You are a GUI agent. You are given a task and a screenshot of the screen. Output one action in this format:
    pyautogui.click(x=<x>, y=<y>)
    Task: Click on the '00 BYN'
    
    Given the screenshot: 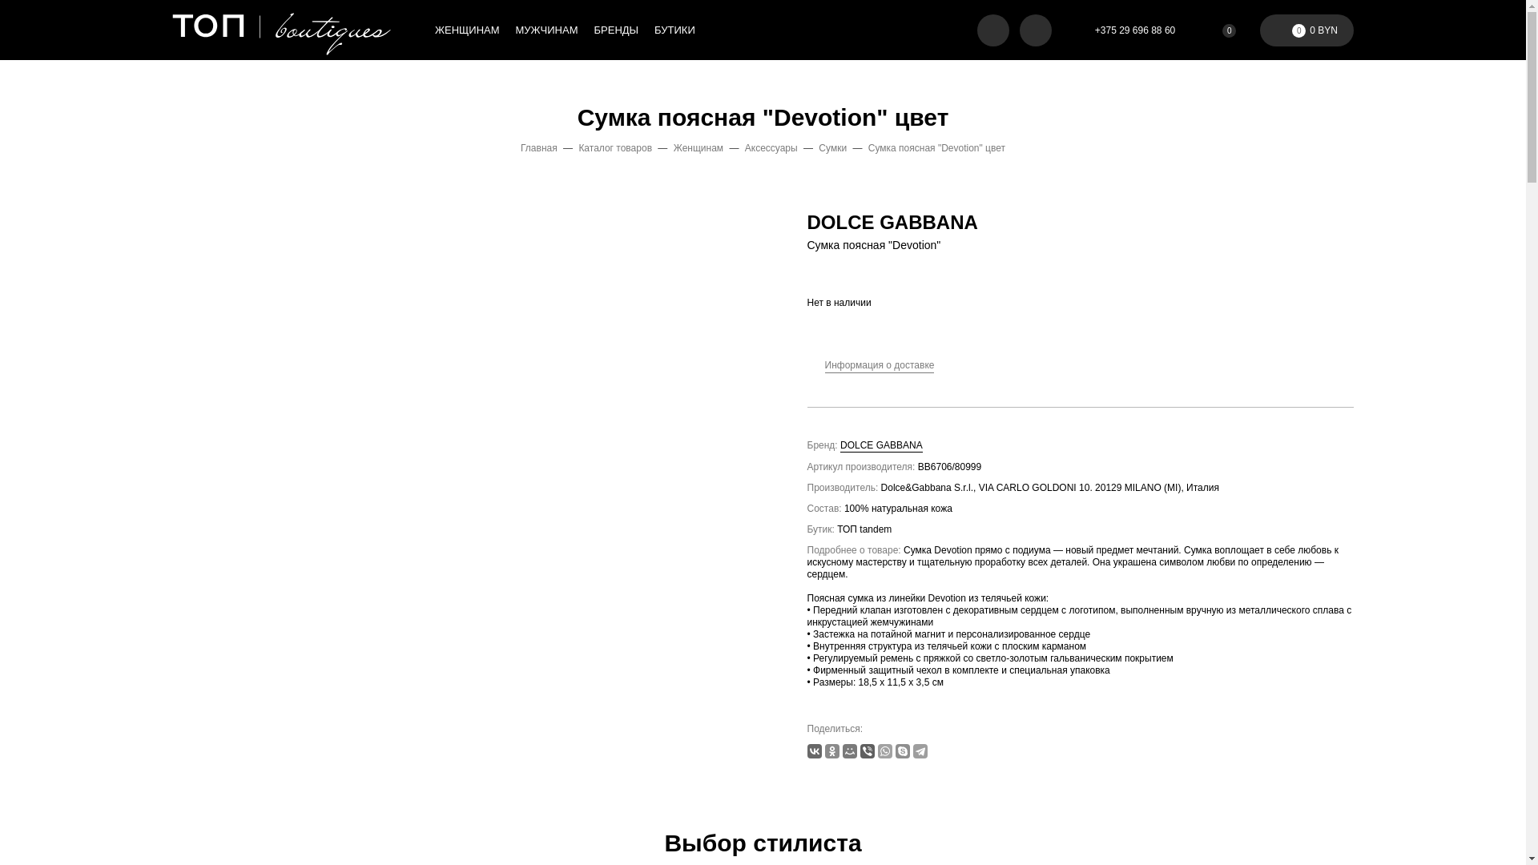 What is the action you would take?
    pyautogui.click(x=1306, y=30)
    